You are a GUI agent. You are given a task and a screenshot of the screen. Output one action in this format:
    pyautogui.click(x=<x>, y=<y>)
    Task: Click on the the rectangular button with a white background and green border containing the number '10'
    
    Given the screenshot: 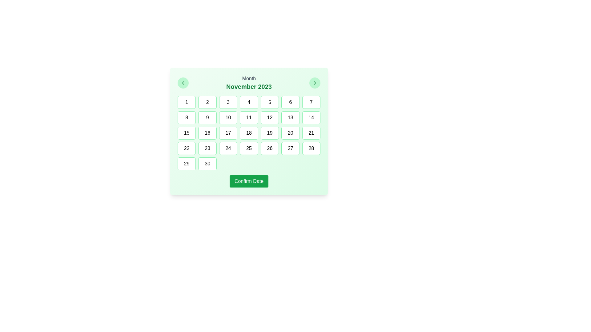 What is the action you would take?
    pyautogui.click(x=228, y=117)
    